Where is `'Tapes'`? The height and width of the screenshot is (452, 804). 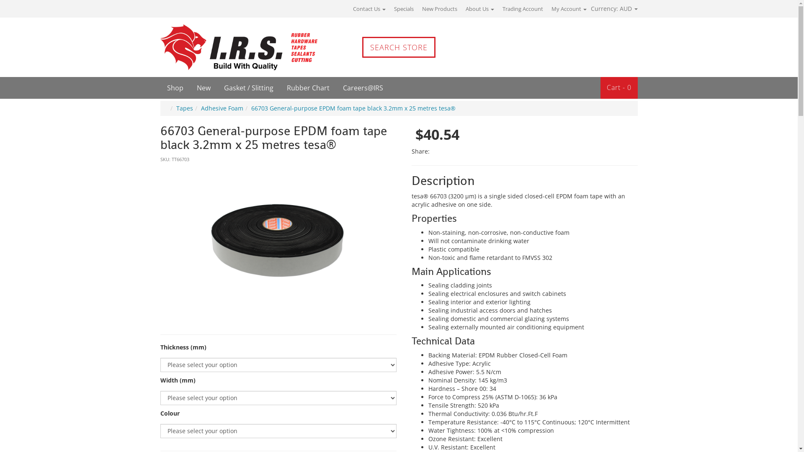 'Tapes' is located at coordinates (184, 108).